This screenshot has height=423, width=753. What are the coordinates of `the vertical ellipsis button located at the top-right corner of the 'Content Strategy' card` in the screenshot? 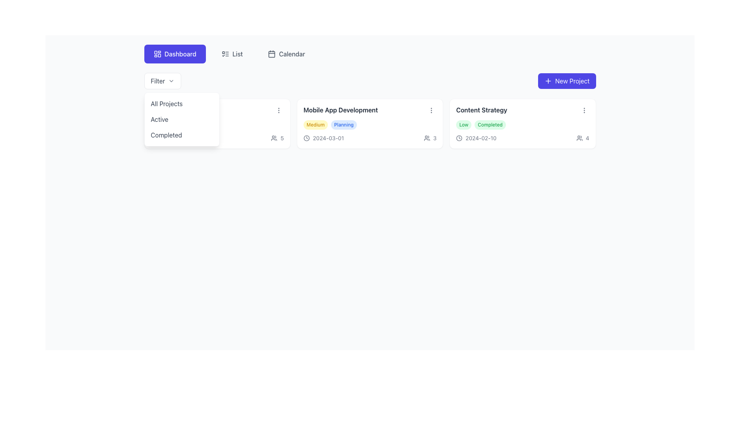 It's located at (584, 110).